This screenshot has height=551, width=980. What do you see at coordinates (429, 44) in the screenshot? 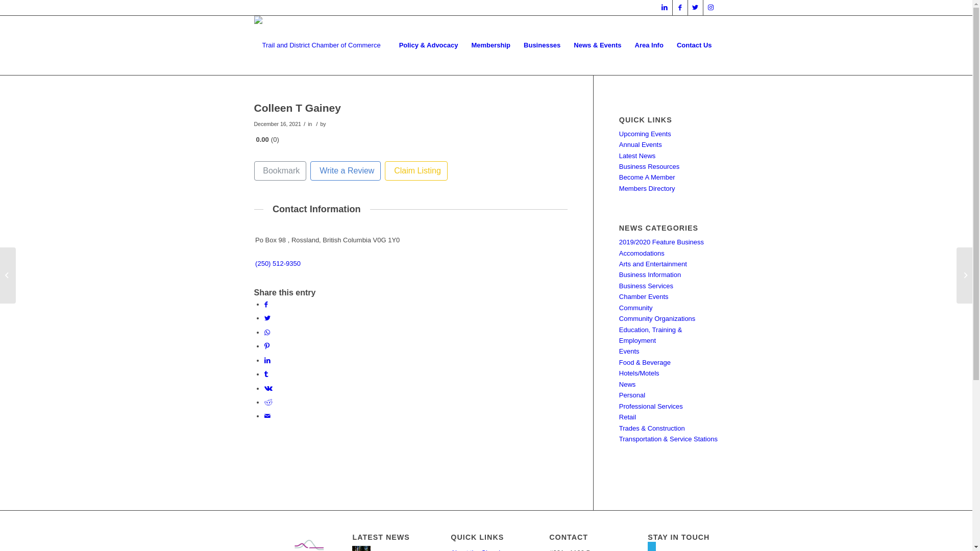
I see `'Policy & Advocacy'` at bounding box center [429, 44].